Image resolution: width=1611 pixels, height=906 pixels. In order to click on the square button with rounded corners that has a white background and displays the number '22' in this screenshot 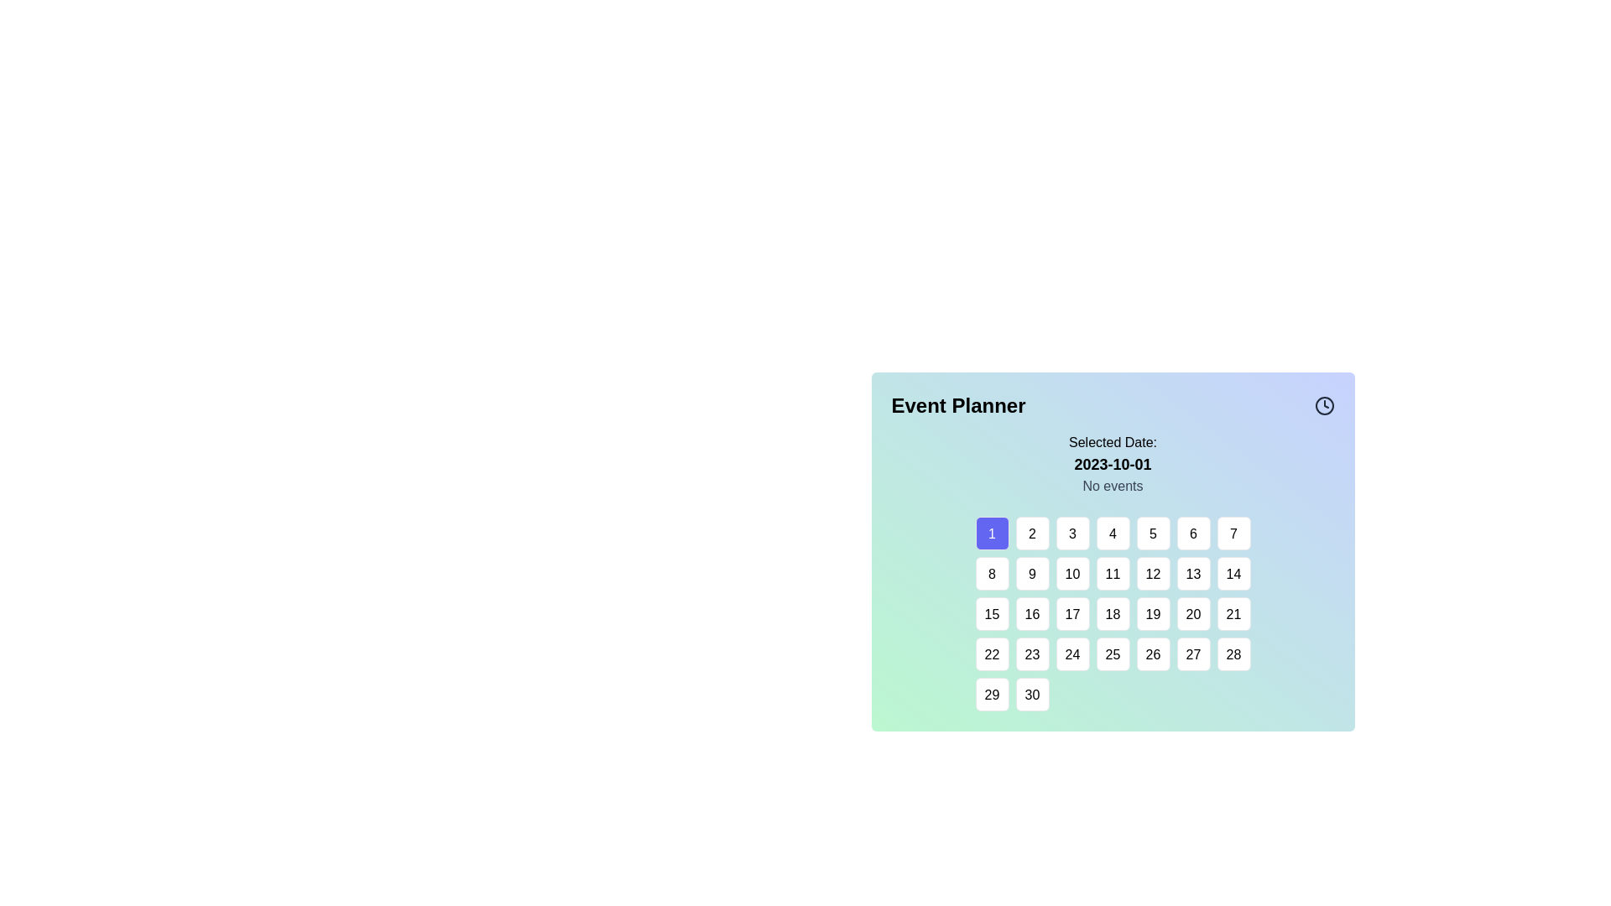, I will do `click(992, 653)`.